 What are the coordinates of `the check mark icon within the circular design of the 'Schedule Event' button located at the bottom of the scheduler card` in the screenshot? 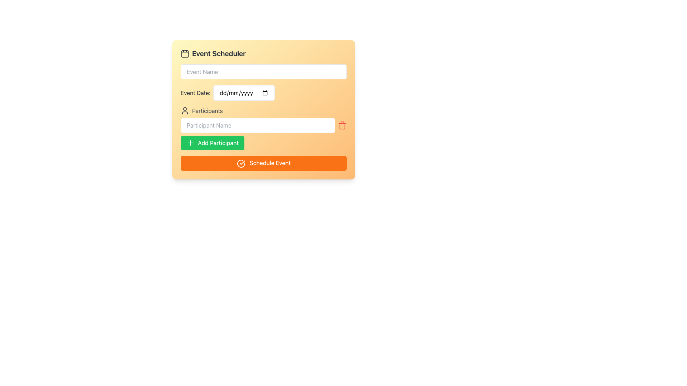 It's located at (242, 162).